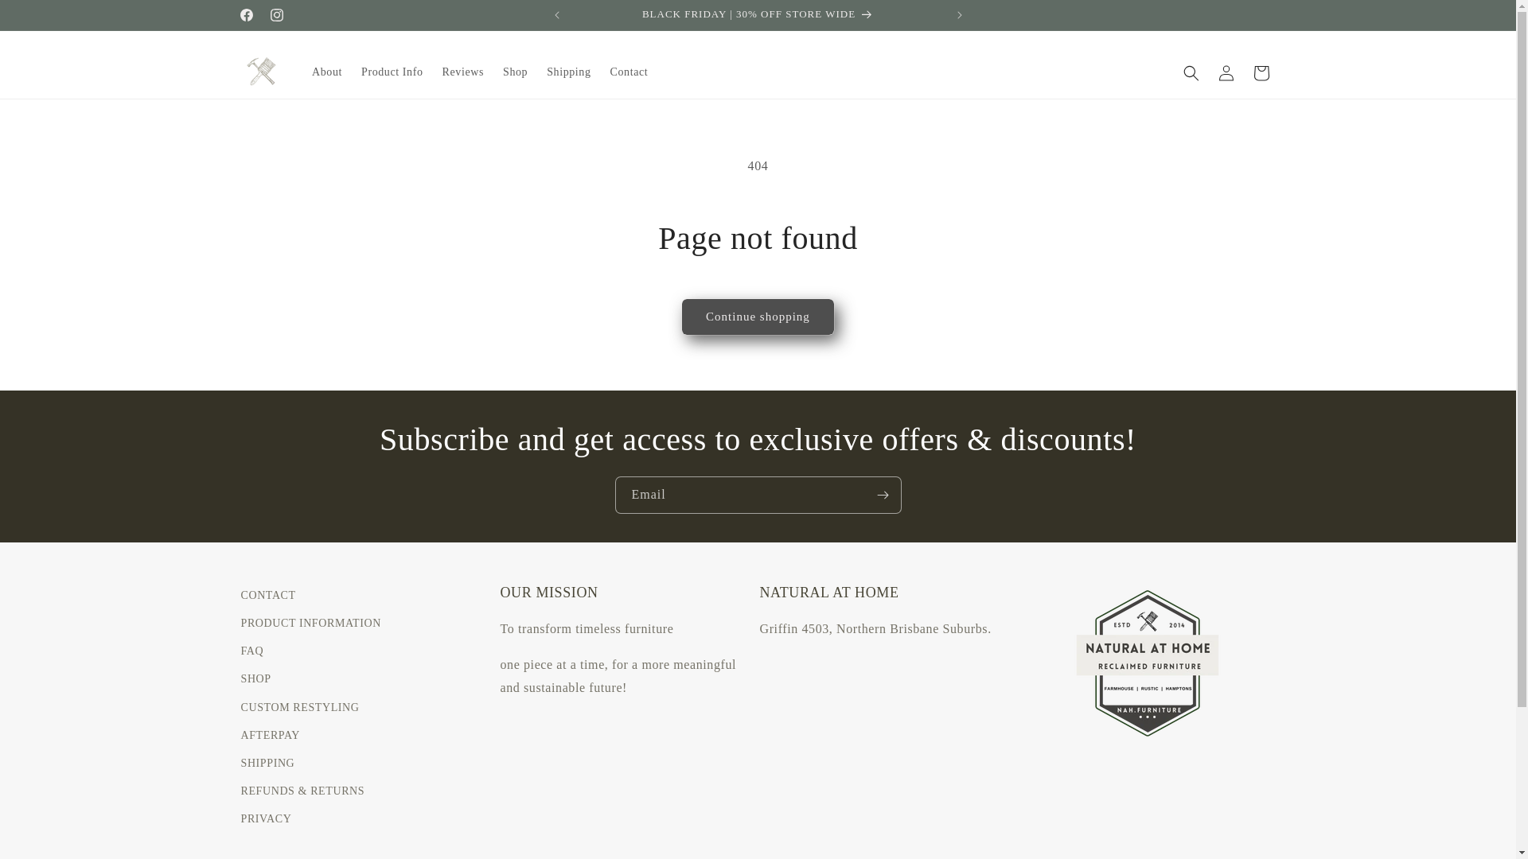 This screenshot has height=859, width=1528. What do you see at coordinates (270, 735) in the screenshot?
I see `'AFTERPAY'` at bounding box center [270, 735].